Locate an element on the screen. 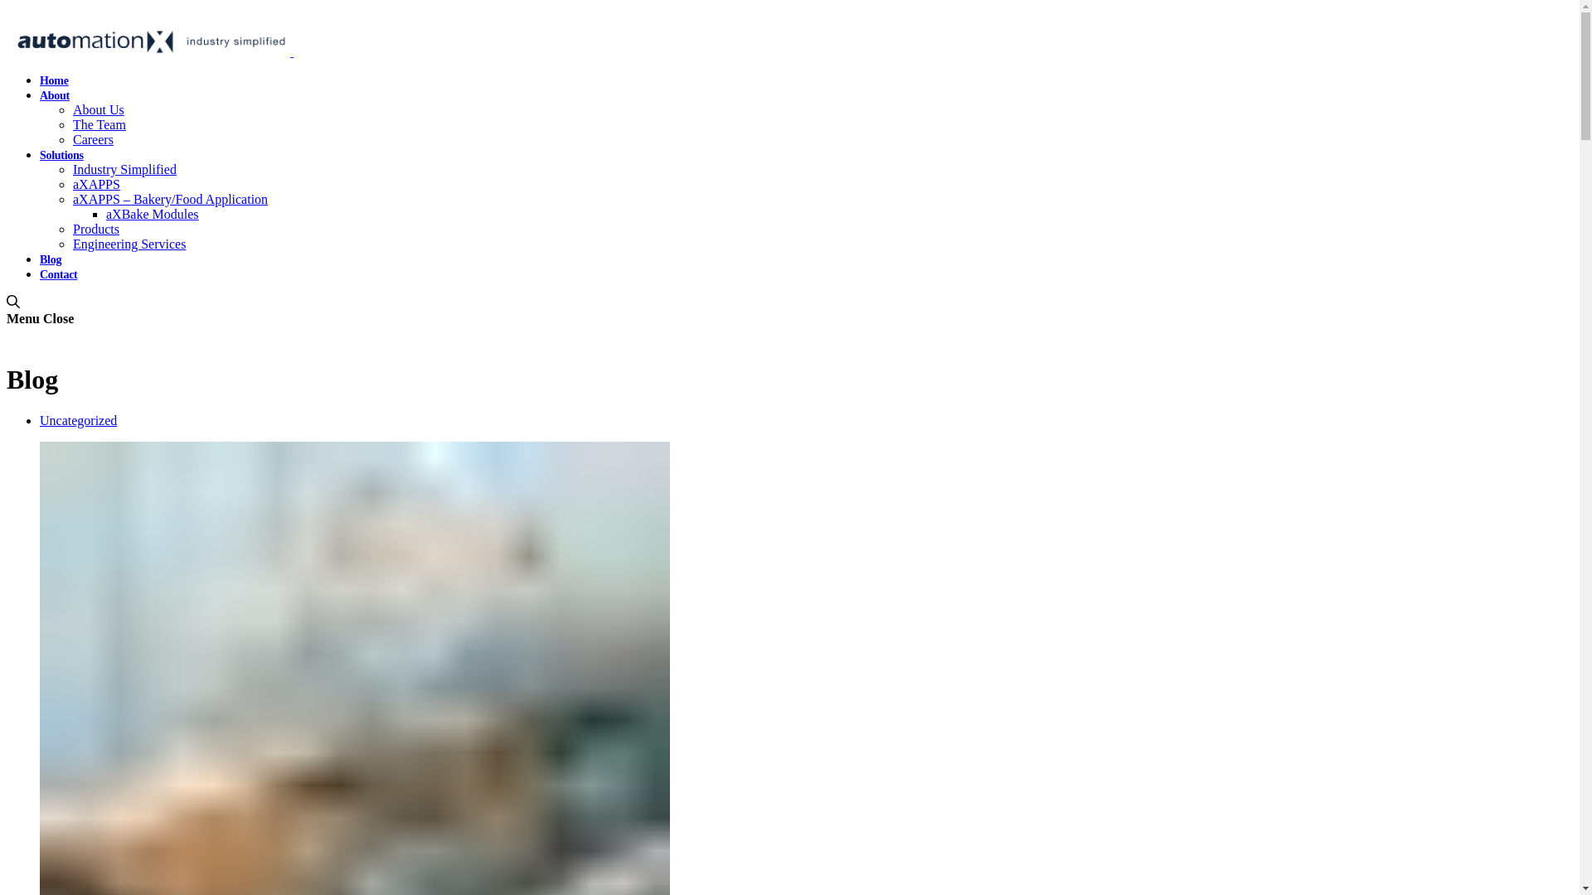 This screenshot has height=895, width=1592. 'Industry Simplified' is located at coordinates (124, 169).